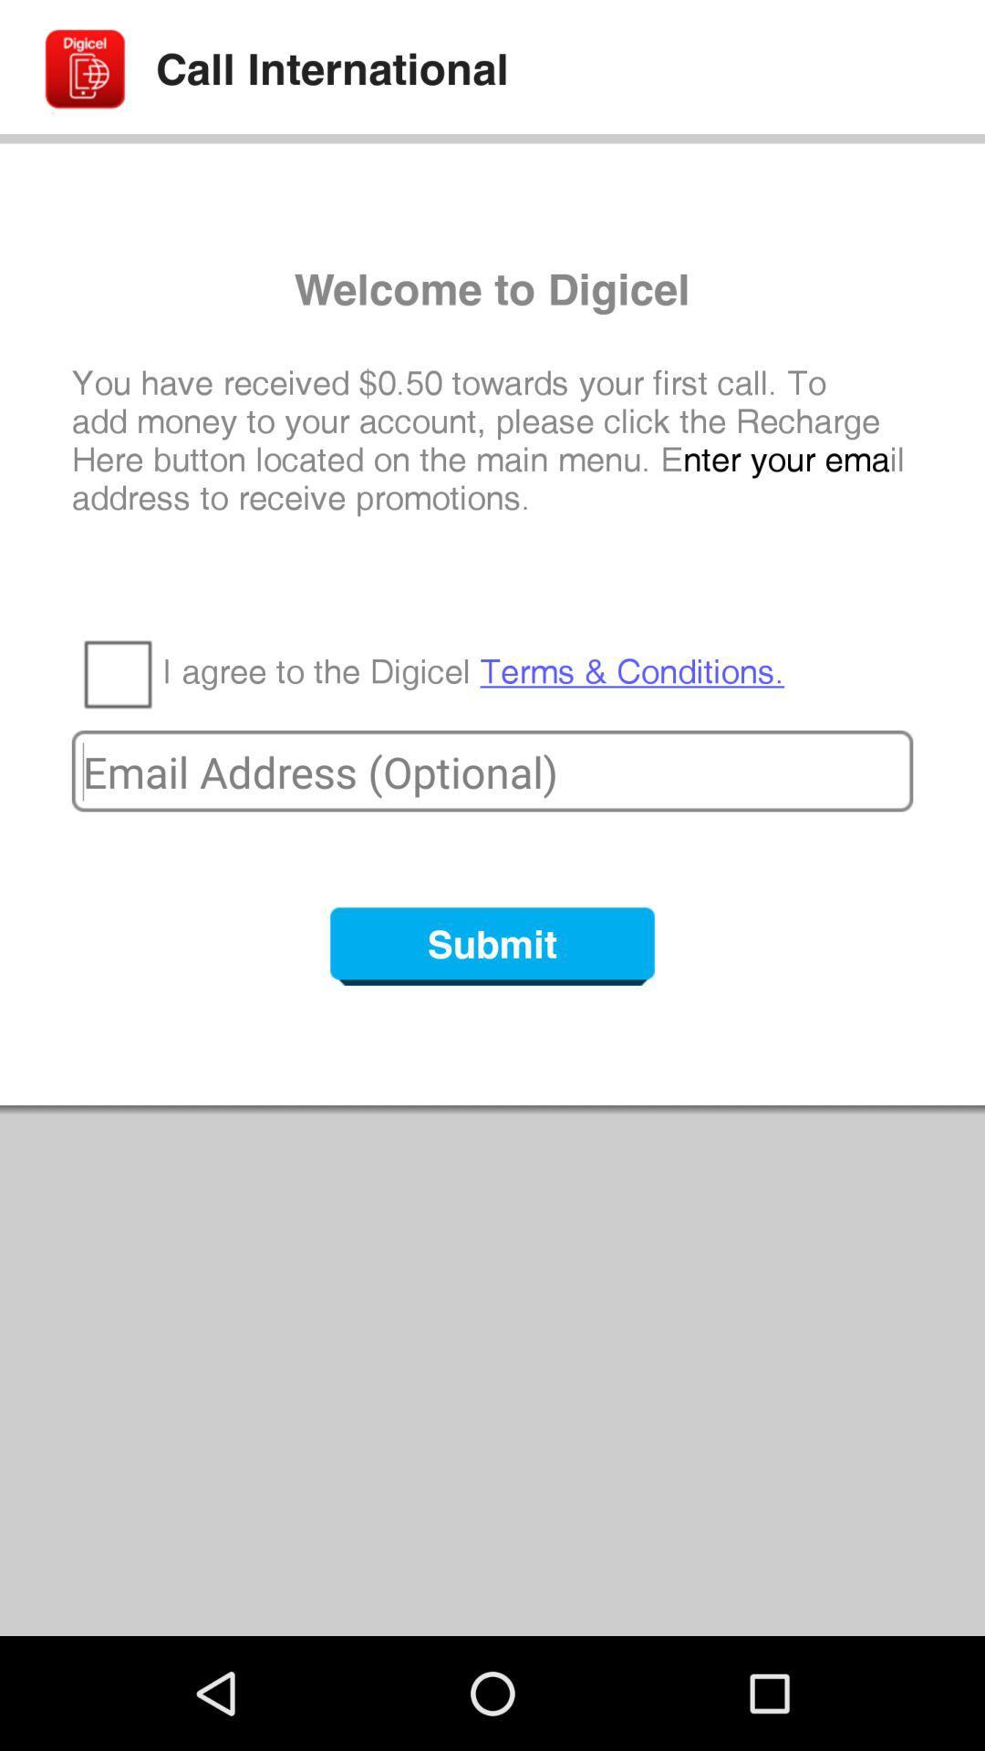  Describe the element at coordinates (117, 672) in the screenshot. I see `the item next to the i agree to` at that location.